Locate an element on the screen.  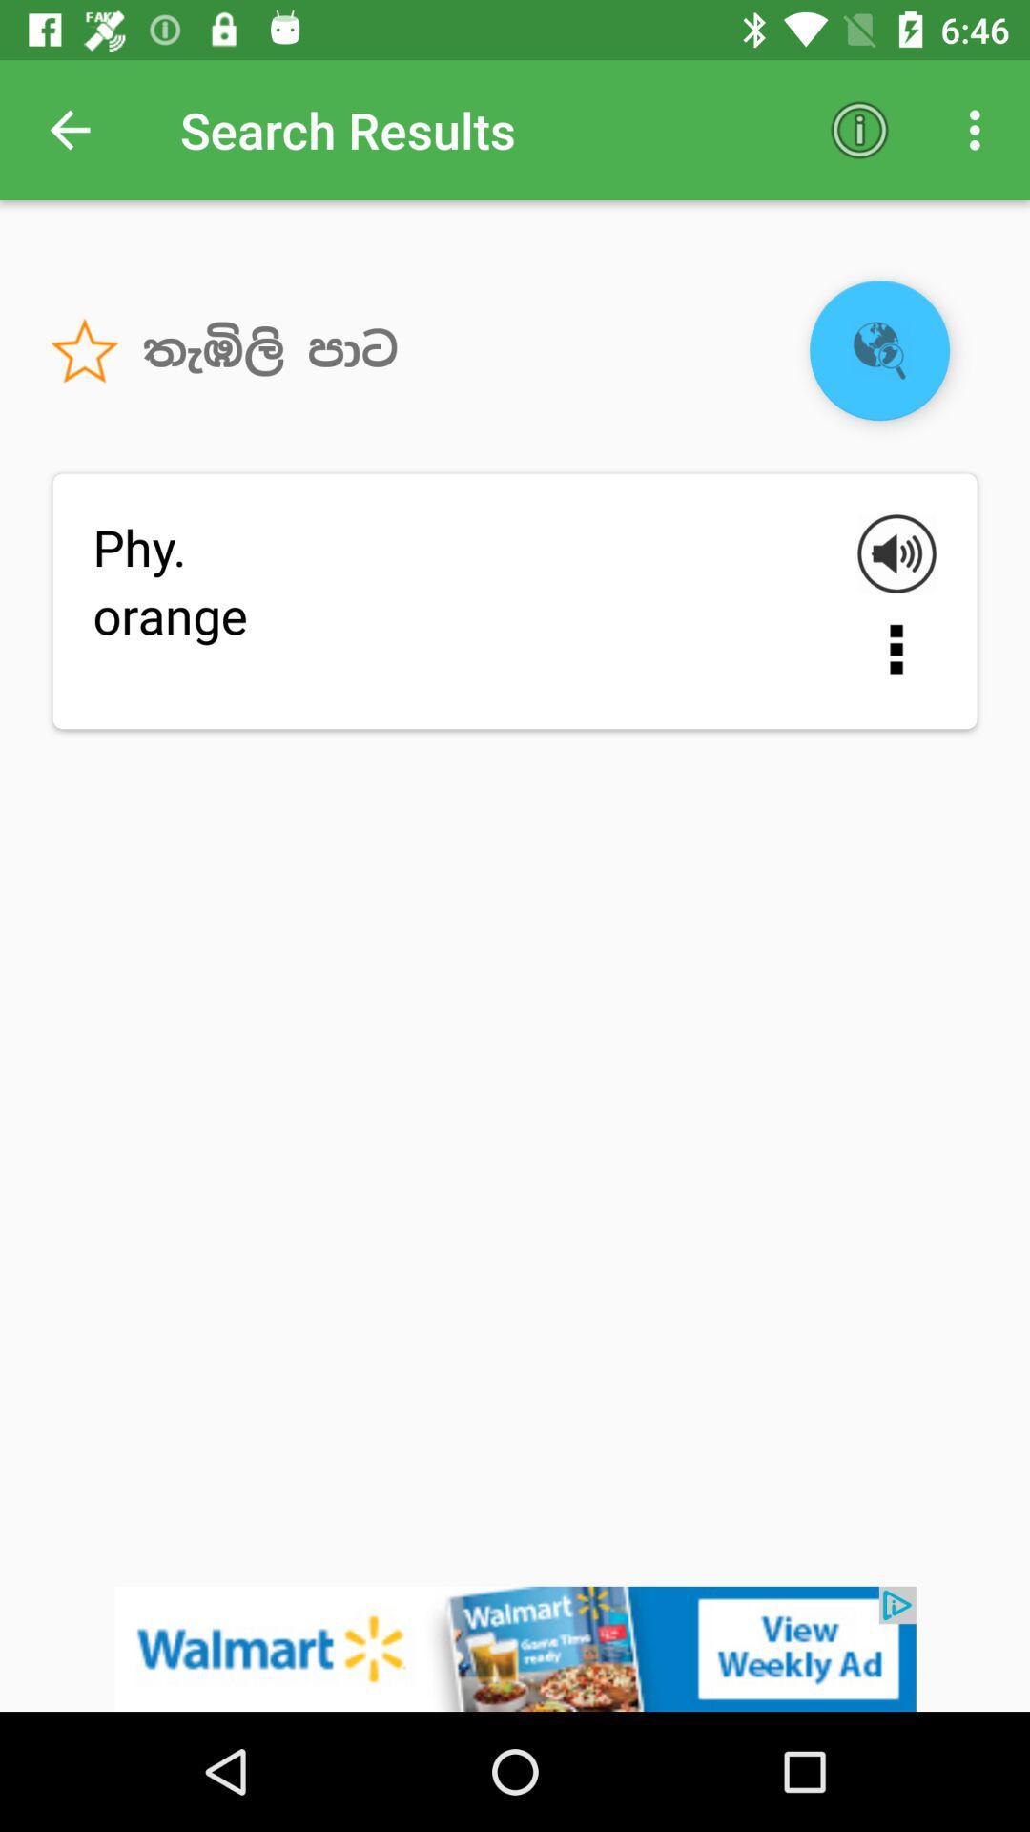
map is located at coordinates (879, 350).